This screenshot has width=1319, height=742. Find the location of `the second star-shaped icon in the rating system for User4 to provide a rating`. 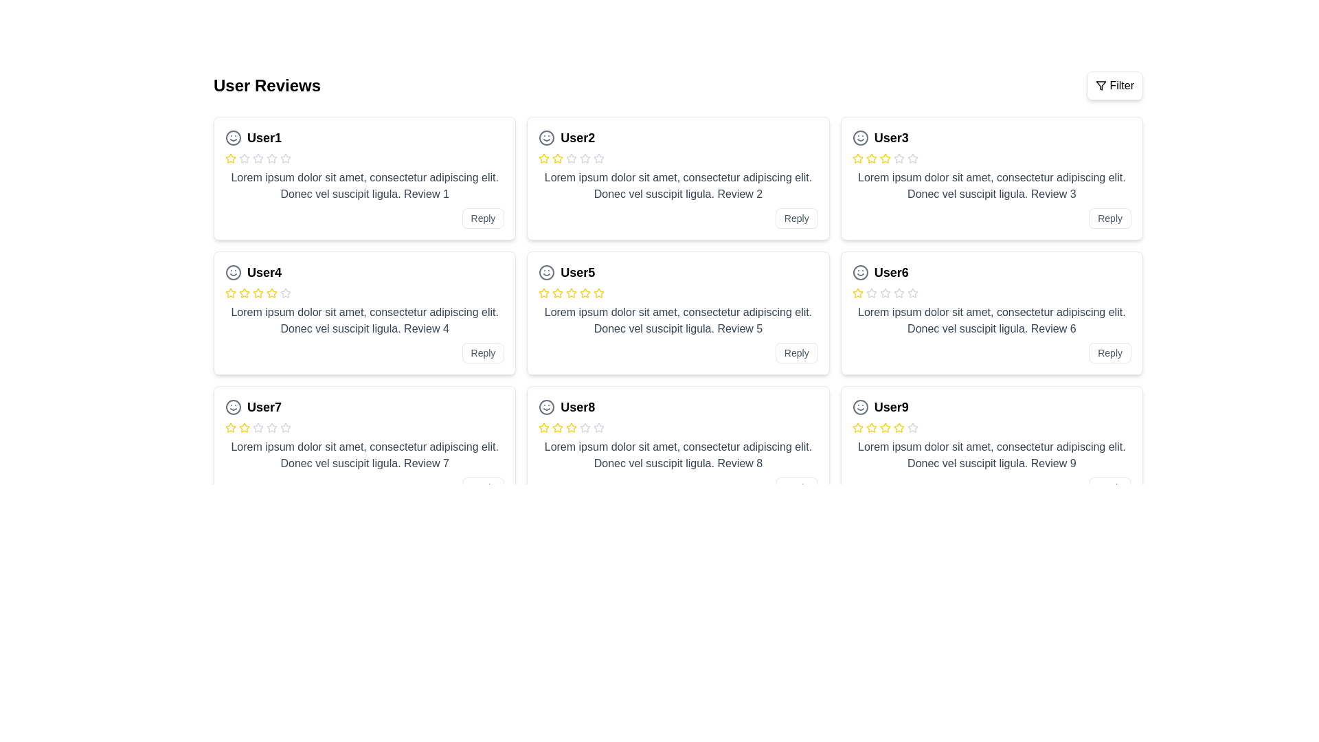

the second star-shaped icon in the rating system for User4 to provide a rating is located at coordinates (271, 292).